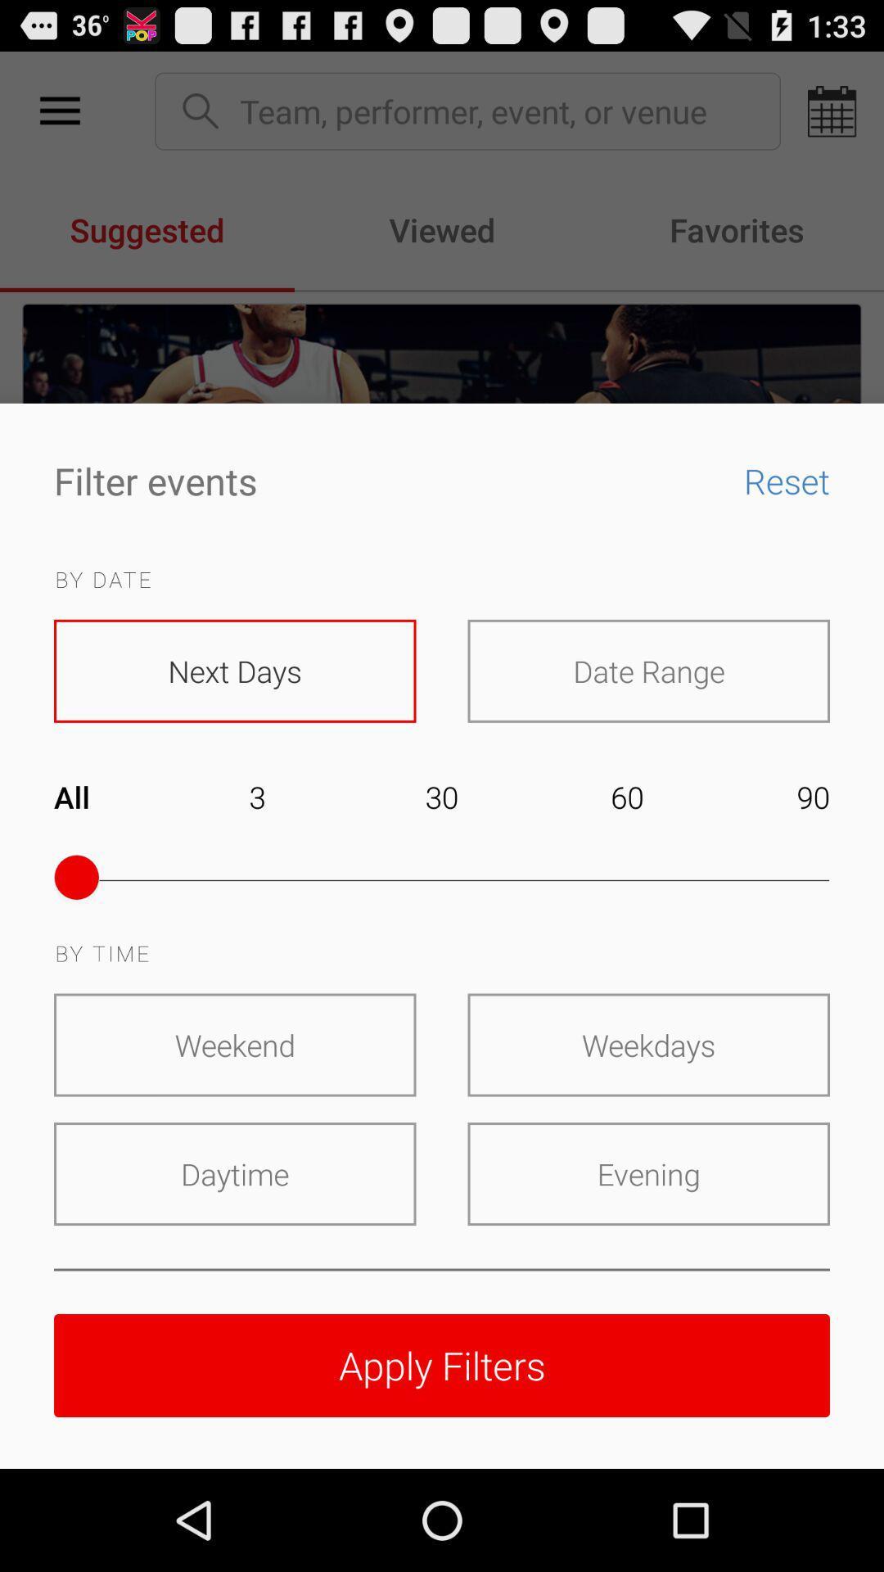  Describe the element at coordinates (88, 809) in the screenshot. I see `item next to the 3` at that location.